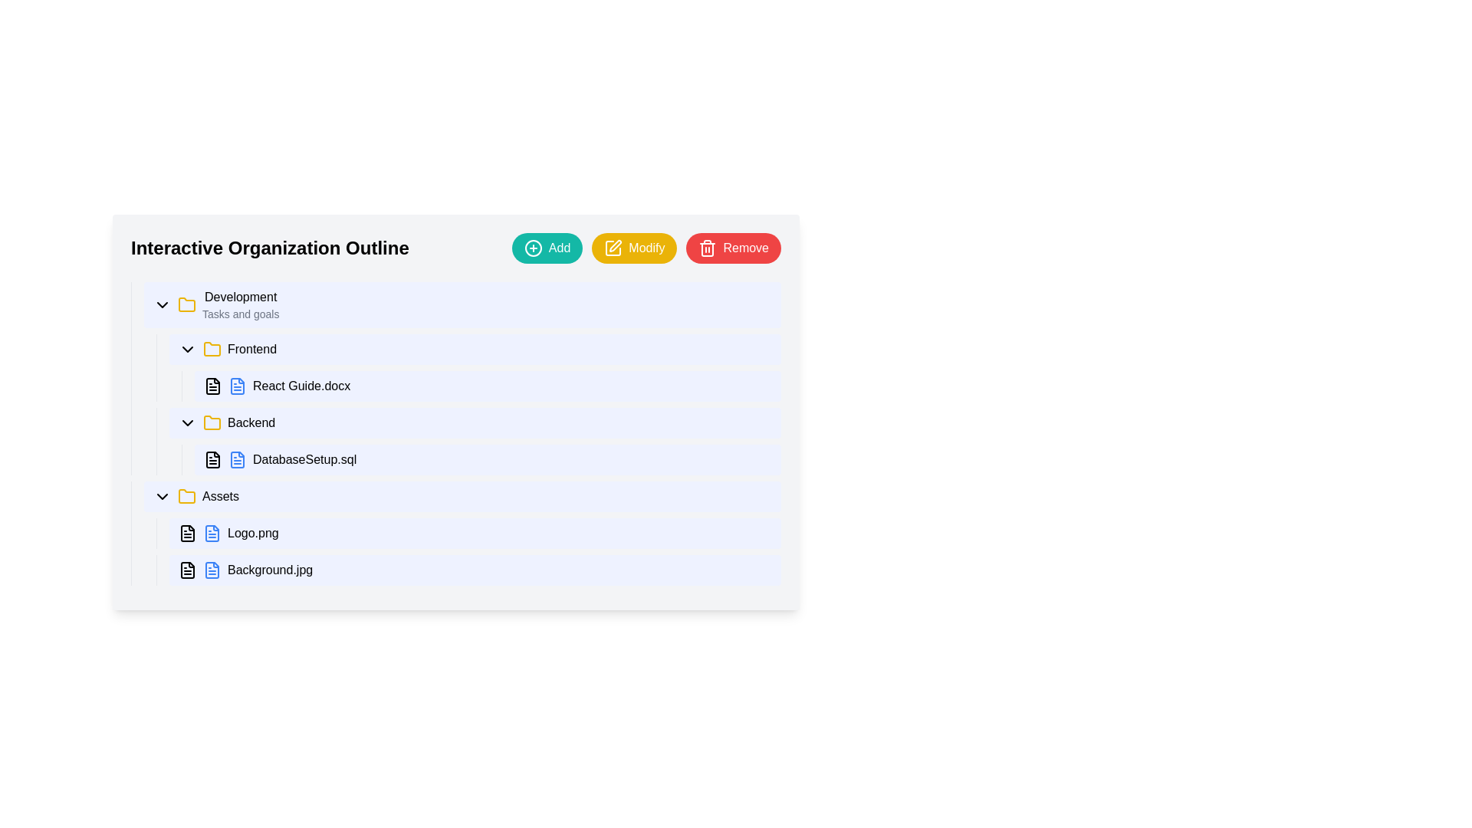 The height and width of the screenshot is (828, 1472). I want to click on attributes of the yellow outlined folder icon located to the left of the 'Development' list item, which is the first folder icon under 'Interactive Organization Outline', so click(186, 304).